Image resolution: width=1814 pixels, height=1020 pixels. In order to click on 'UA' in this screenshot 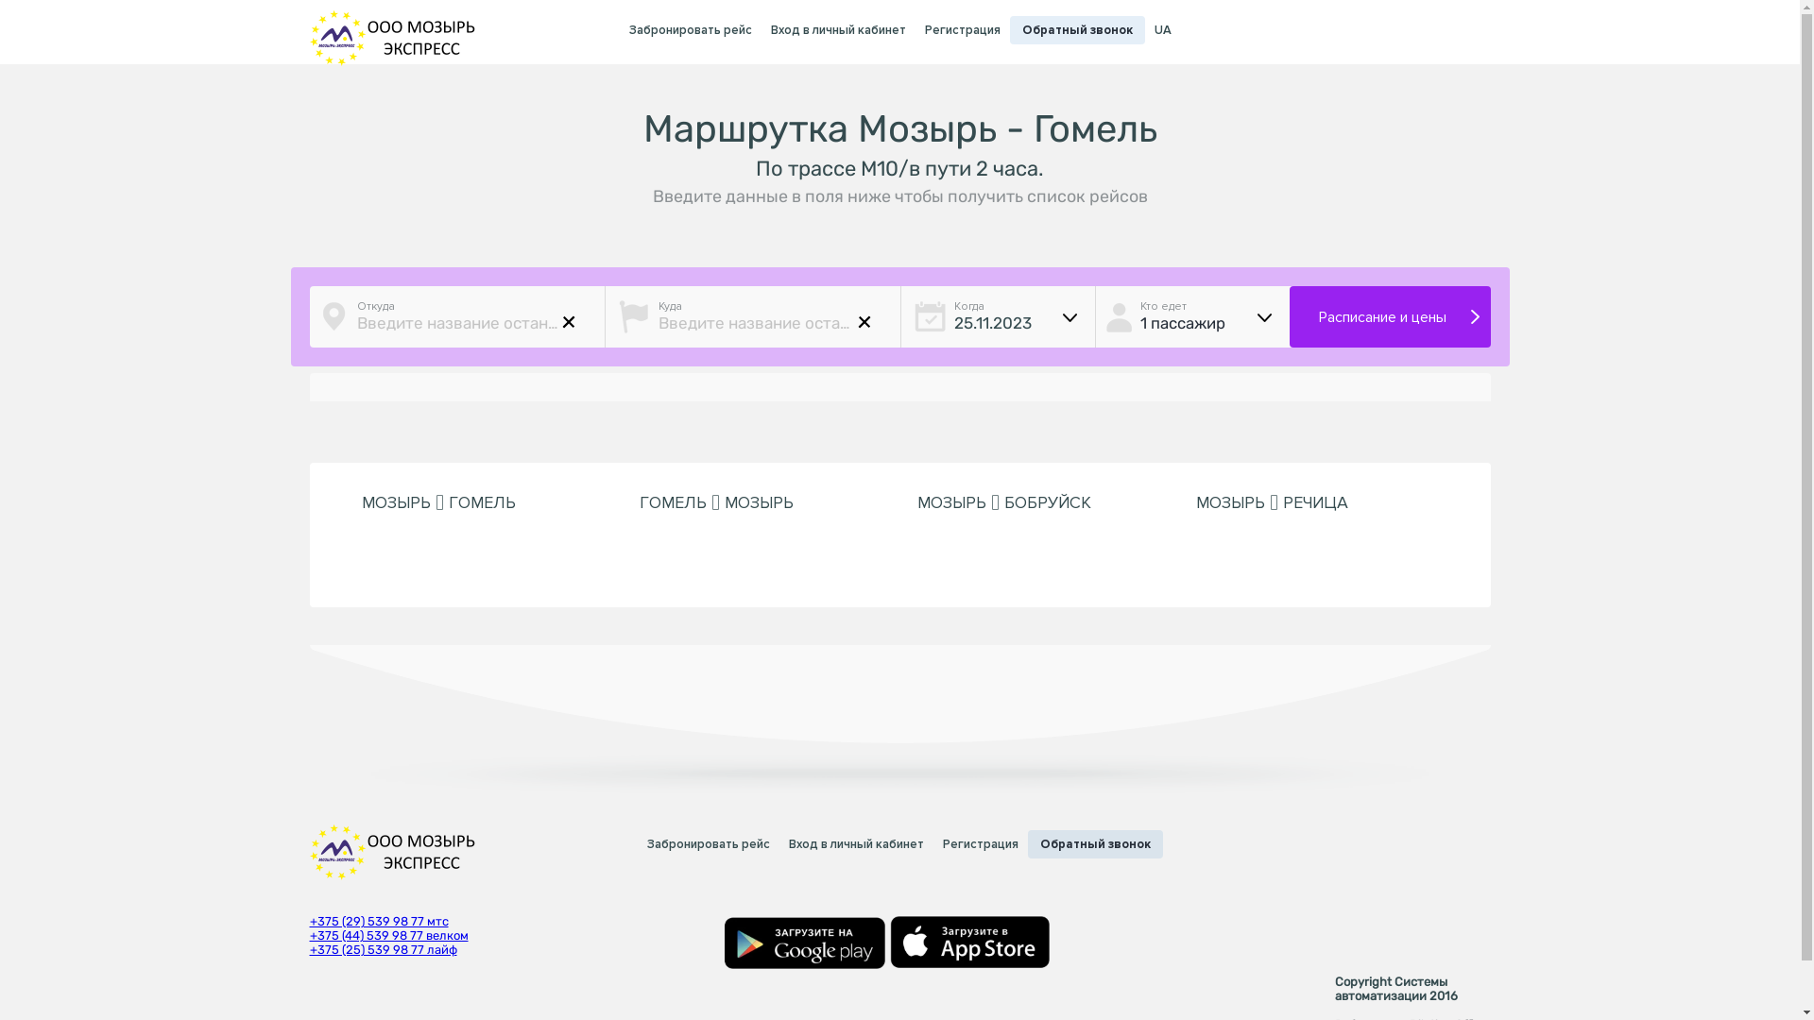, I will do `click(1161, 30)`.